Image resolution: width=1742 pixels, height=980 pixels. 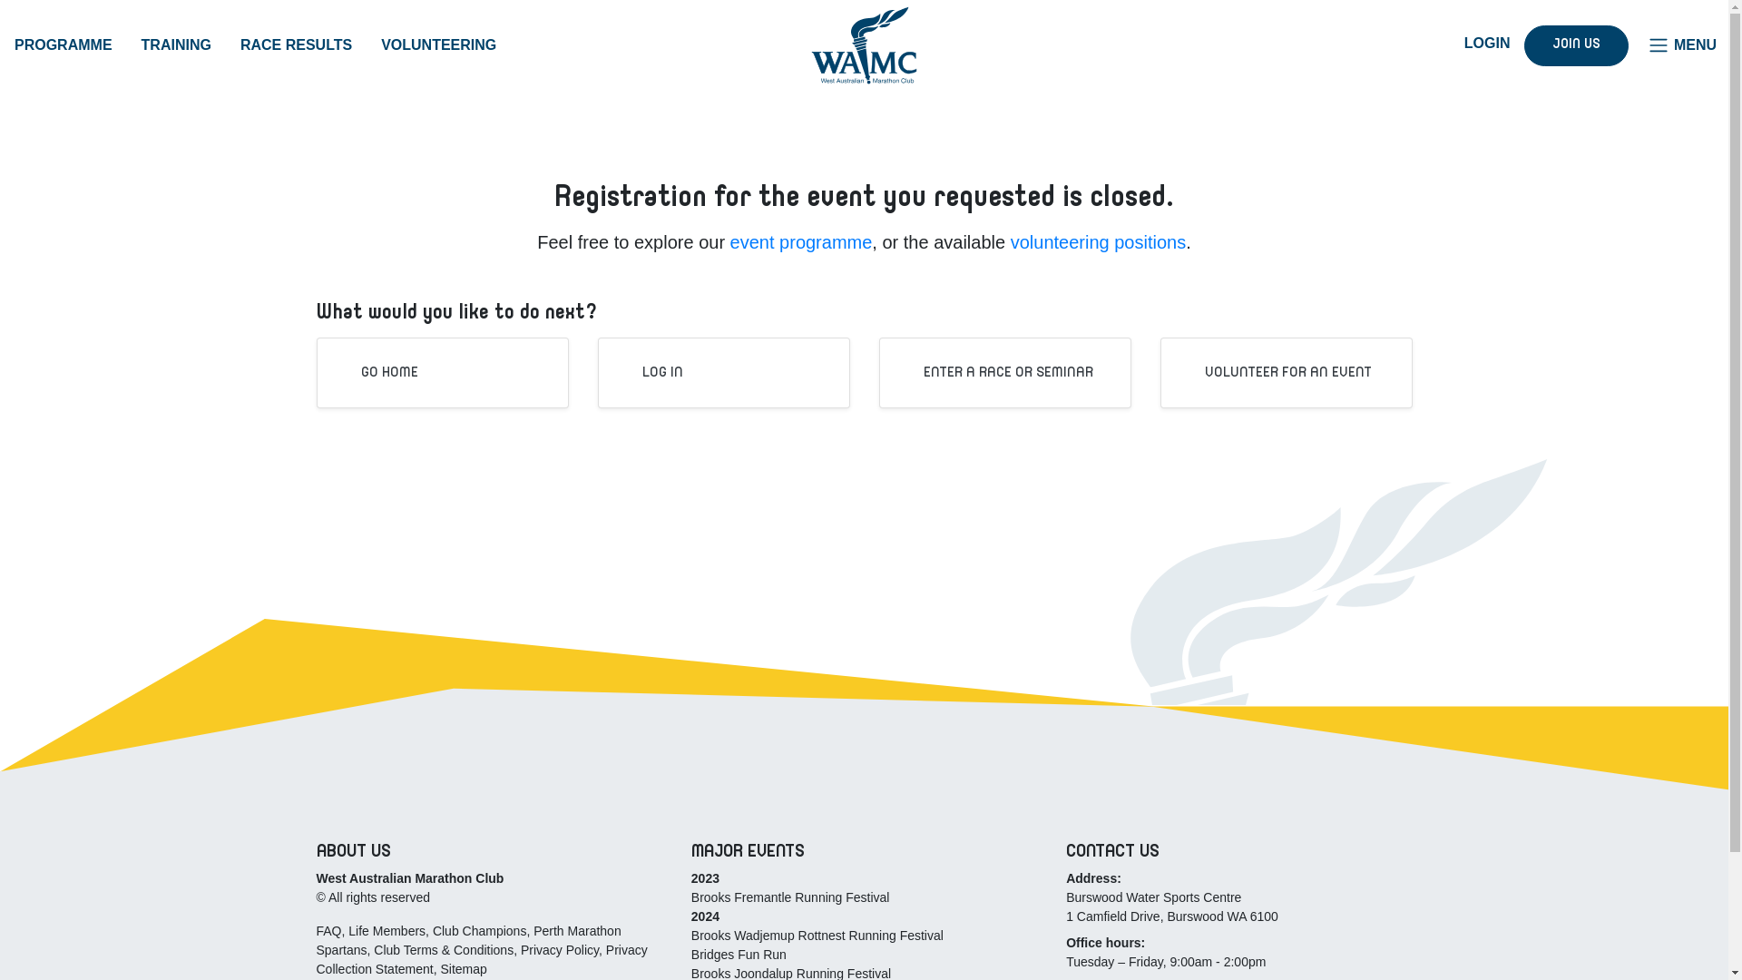 What do you see at coordinates (1009, 240) in the screenshot?
I see `'volunteering positions'` at bounding box center [1009, 240].